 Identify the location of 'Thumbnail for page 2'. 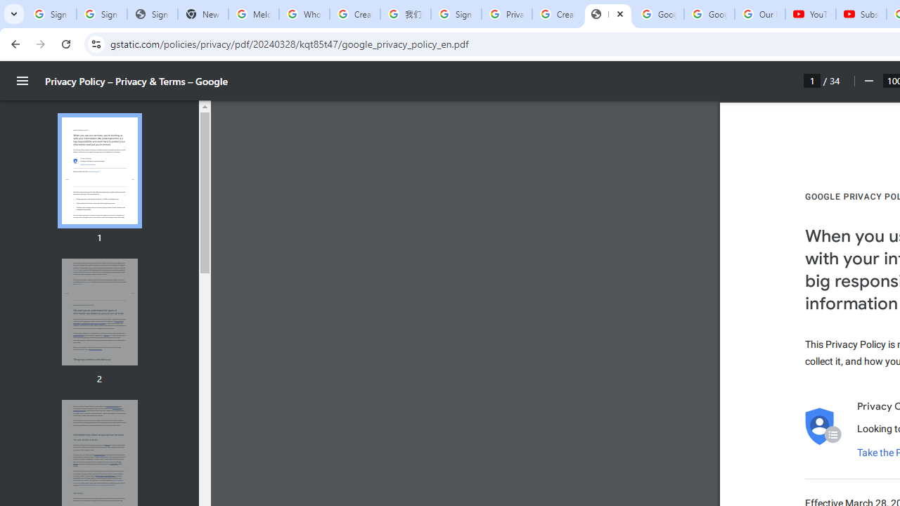
(98, 311).